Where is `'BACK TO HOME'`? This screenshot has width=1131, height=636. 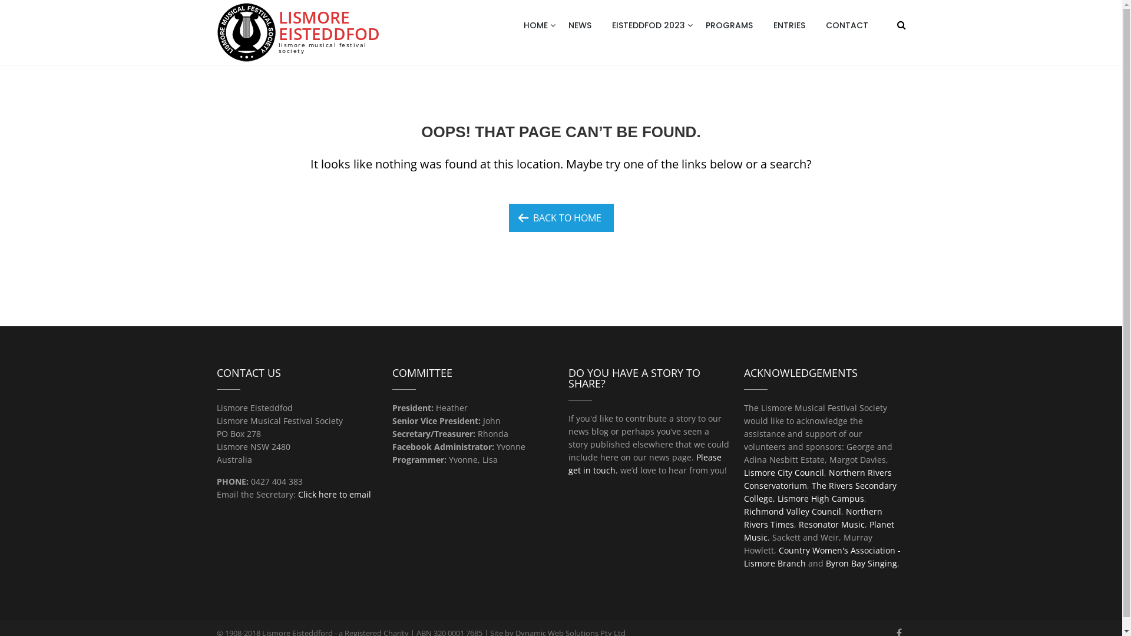 'BACK TO HOME' is located at coordinates (561, 218).